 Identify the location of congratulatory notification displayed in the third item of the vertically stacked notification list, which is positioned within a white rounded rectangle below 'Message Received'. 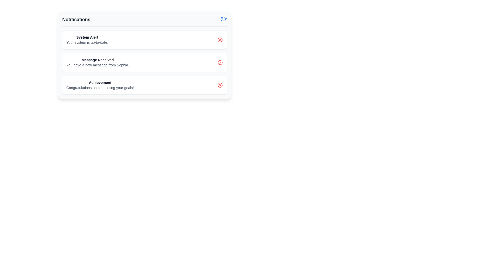
(100, 85).